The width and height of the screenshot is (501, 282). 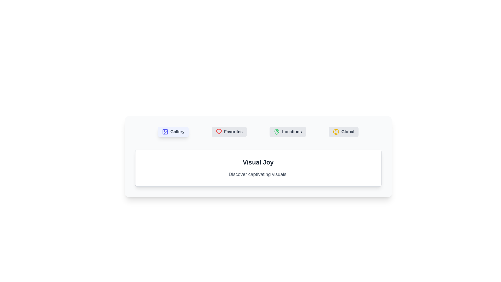 What do you see at coordinates (344, 132) in the screenshot?
I see `the tab labeled Global to observe its hover effect` at bounding box center [344, 132].